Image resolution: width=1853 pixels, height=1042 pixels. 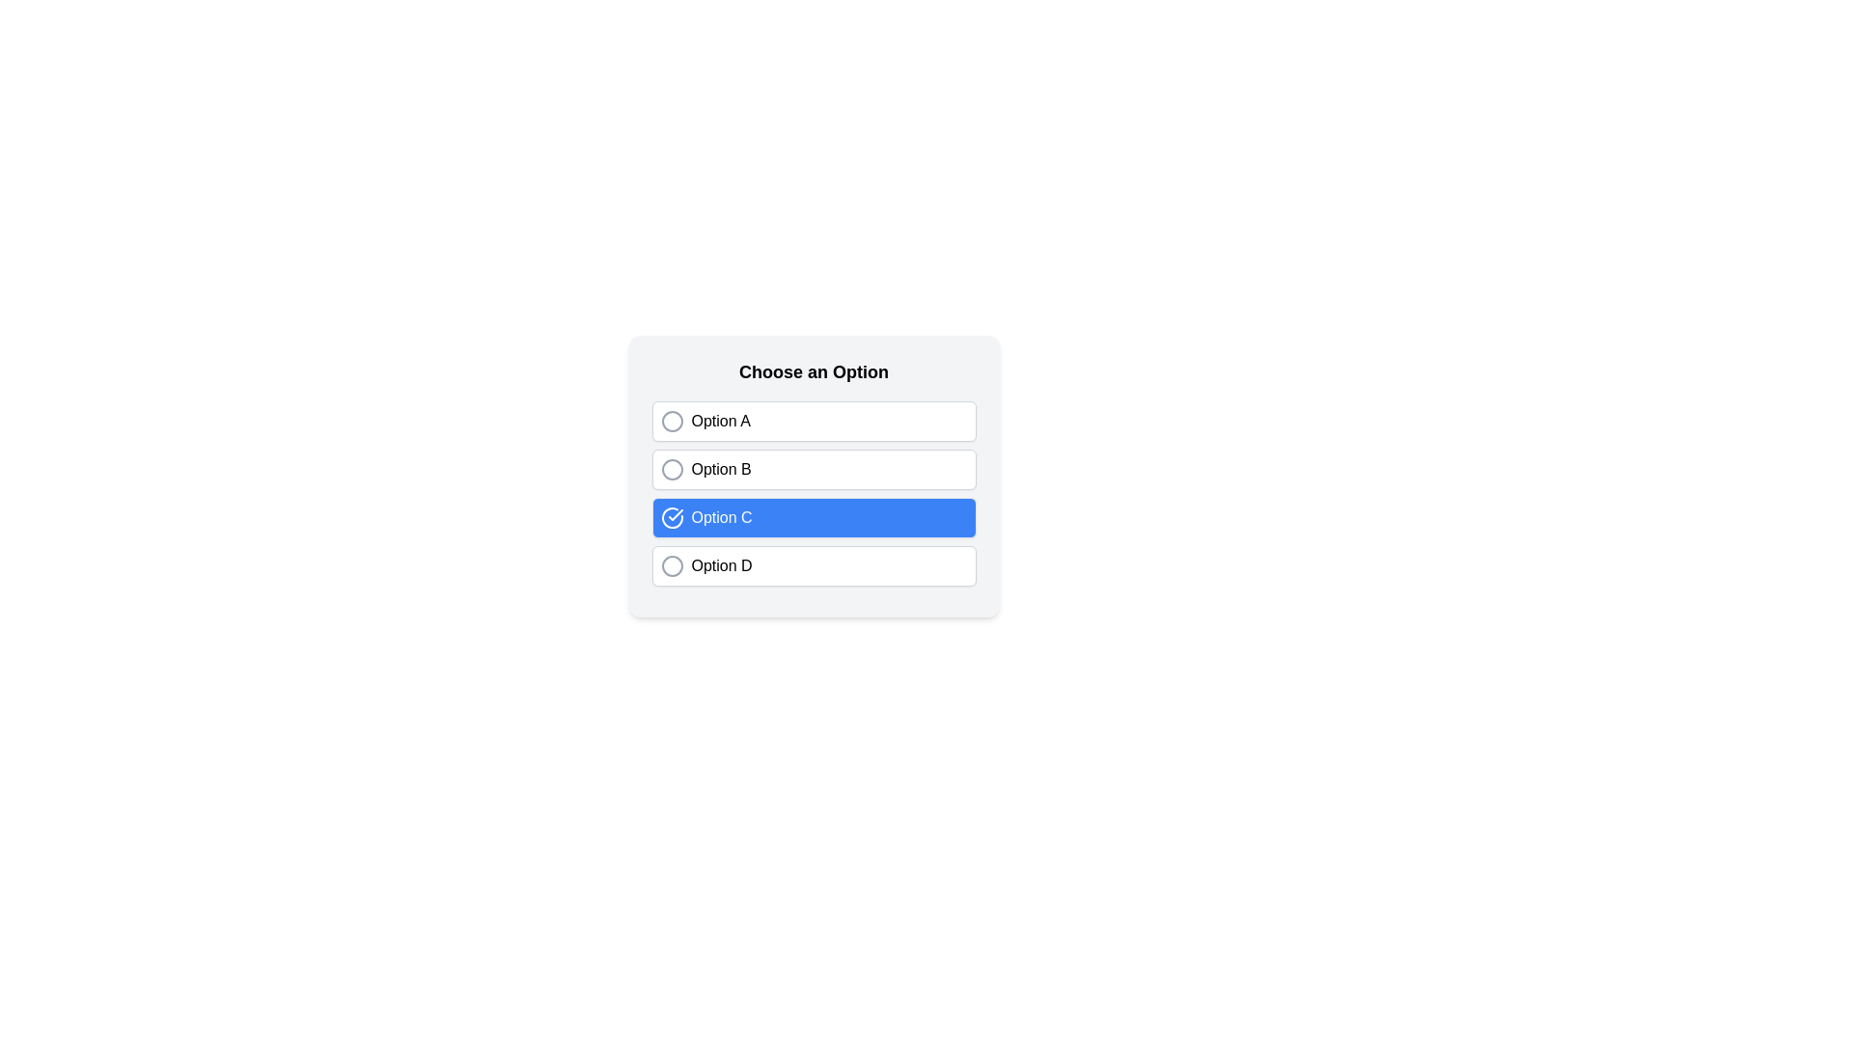 What do you see at coordinates (814, 420) in the screenshot?
I see `the first radio button option labeled under 'Choose an Option'` at bounding box center [814, 420].